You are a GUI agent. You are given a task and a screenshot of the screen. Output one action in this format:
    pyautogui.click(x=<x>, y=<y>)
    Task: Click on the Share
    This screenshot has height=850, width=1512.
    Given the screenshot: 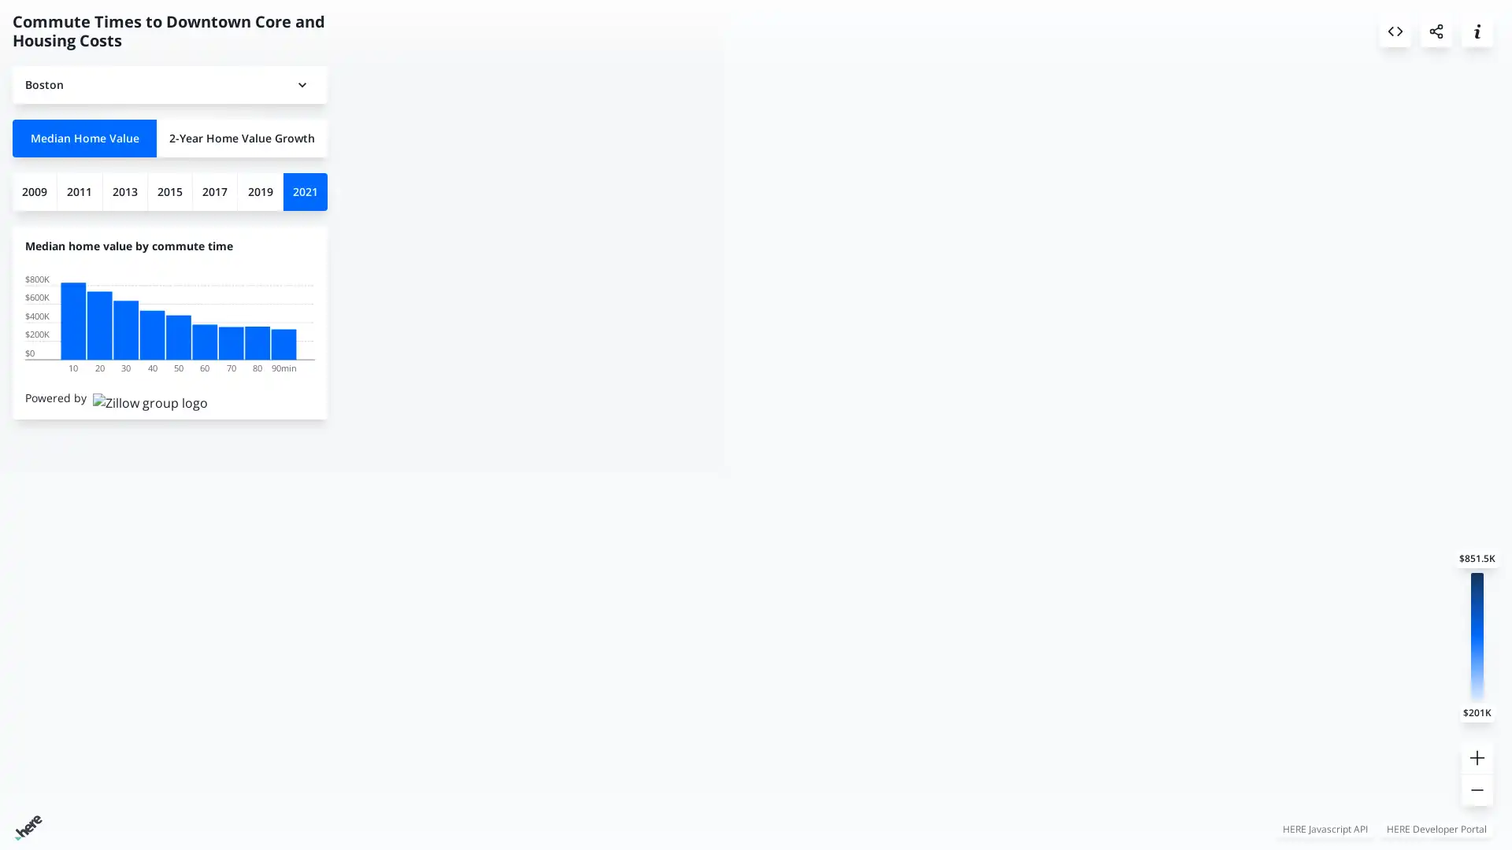 What is the action you would take?
    pyautogui.click(x=1436, y=31)
    